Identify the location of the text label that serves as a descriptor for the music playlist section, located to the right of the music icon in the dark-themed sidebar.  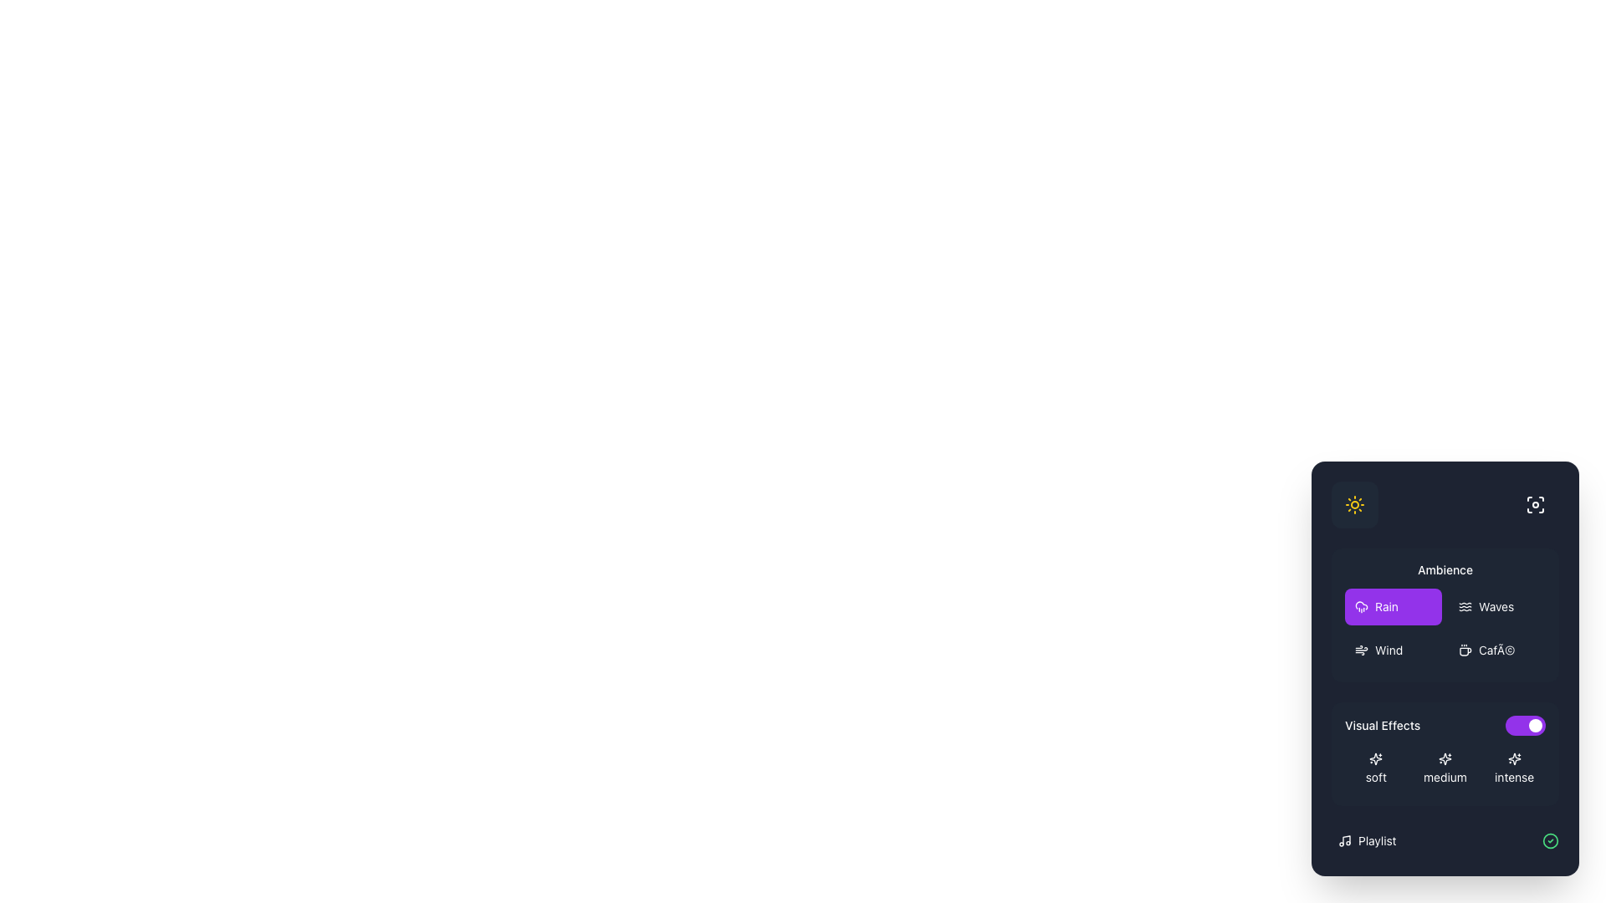
(1377, 841).